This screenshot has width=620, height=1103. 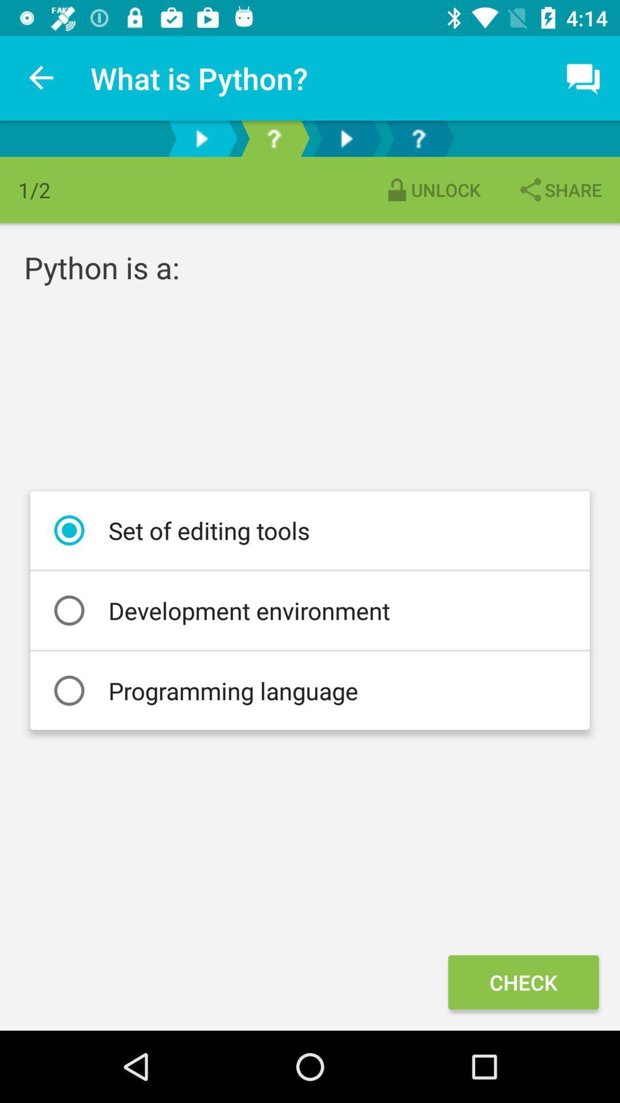 What do you see at coordinates (559, 190) in the screenshot?
I see `share` at bounding box center [559, 190].